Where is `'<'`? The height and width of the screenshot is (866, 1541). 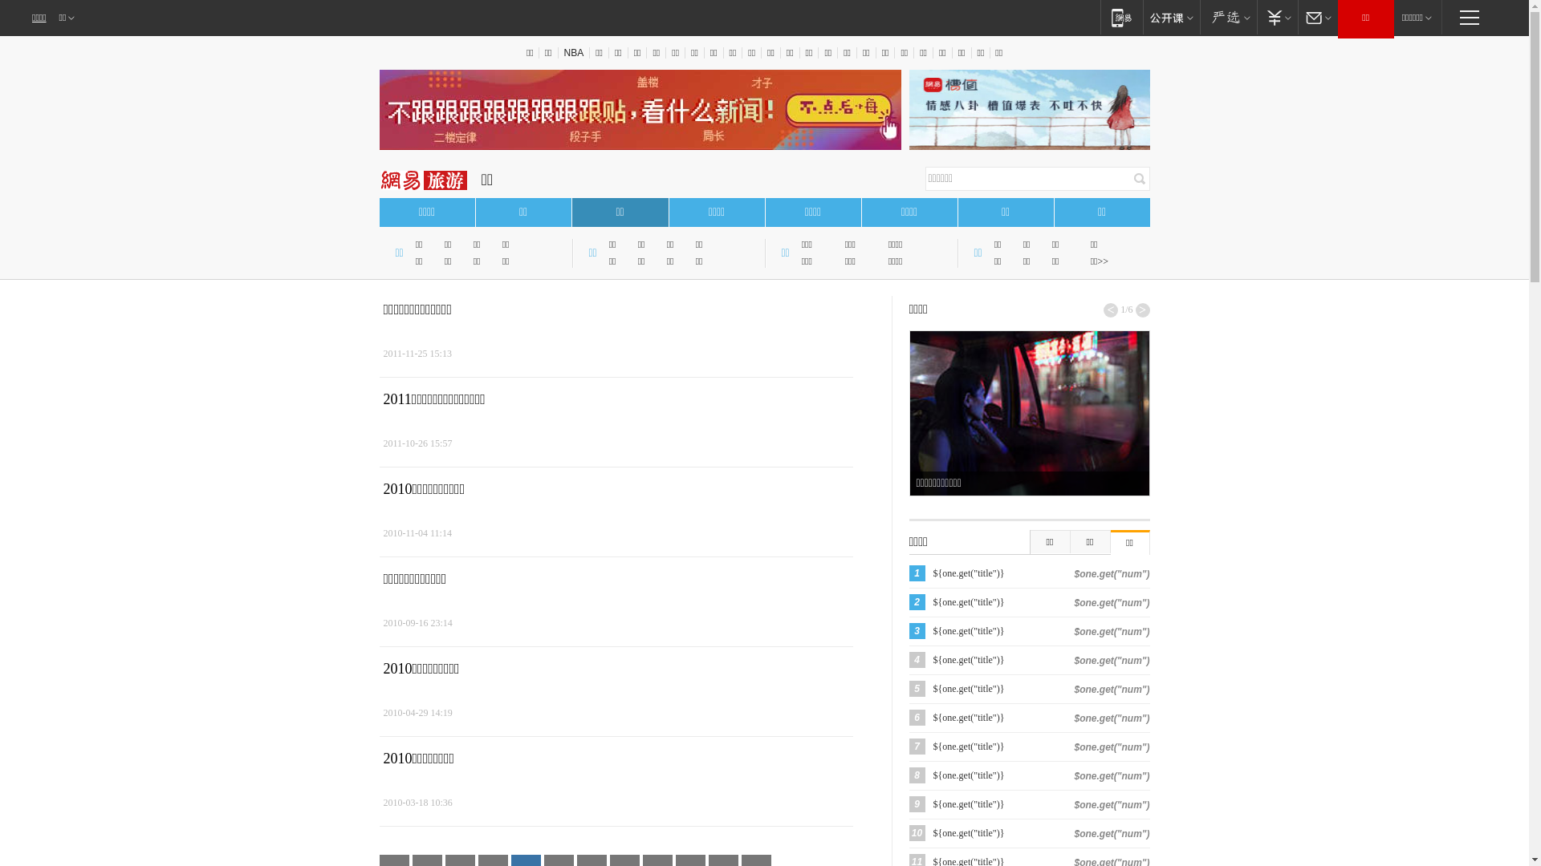
'<' is located at coordinates (1102, 310).